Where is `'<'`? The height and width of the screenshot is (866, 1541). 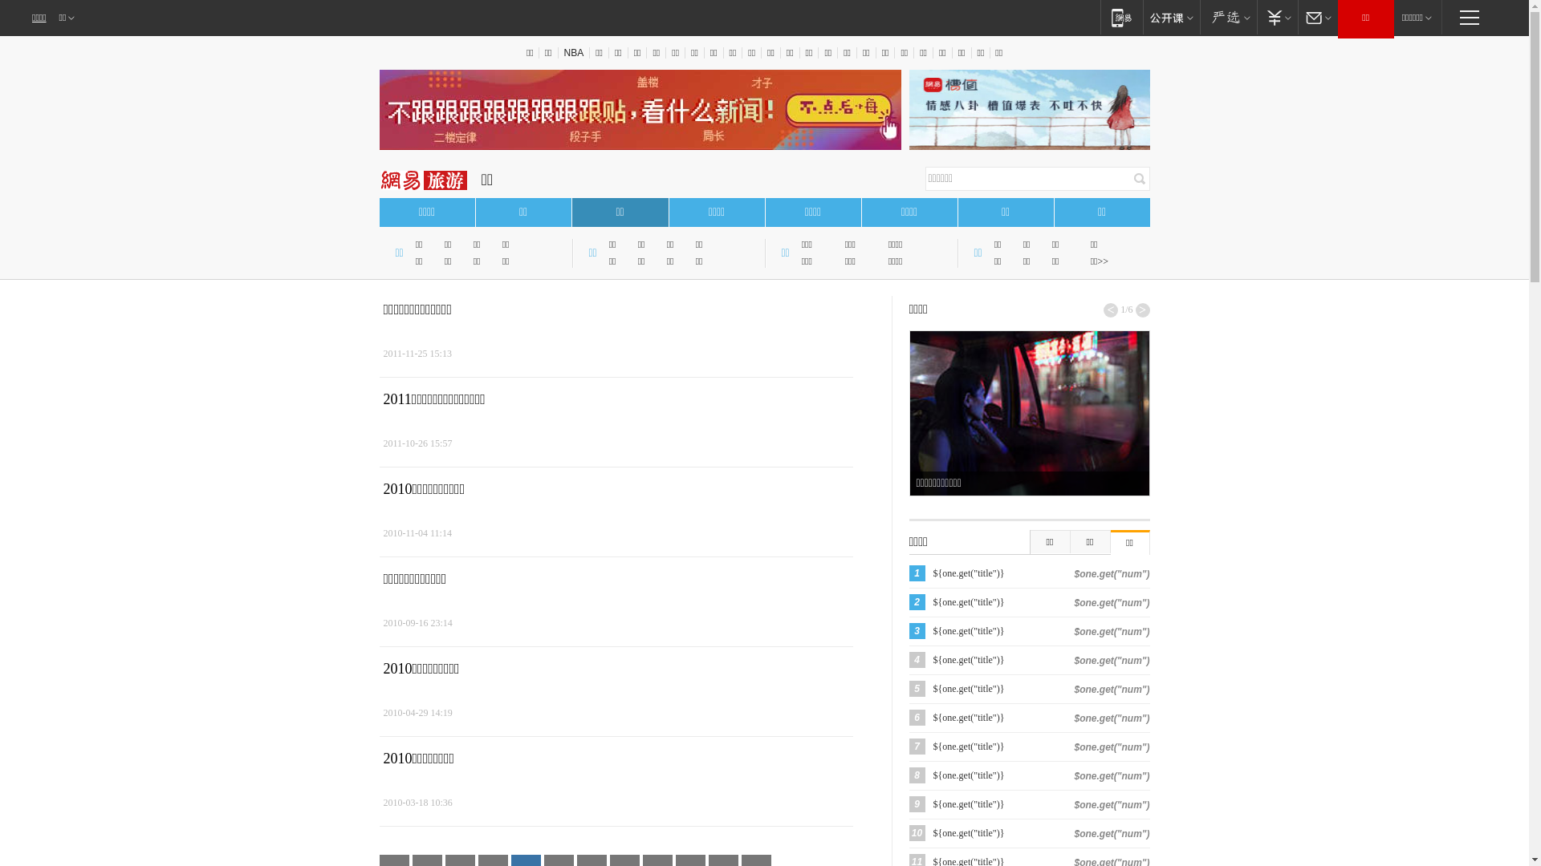
'<' is located at coordinates (1102, 310).